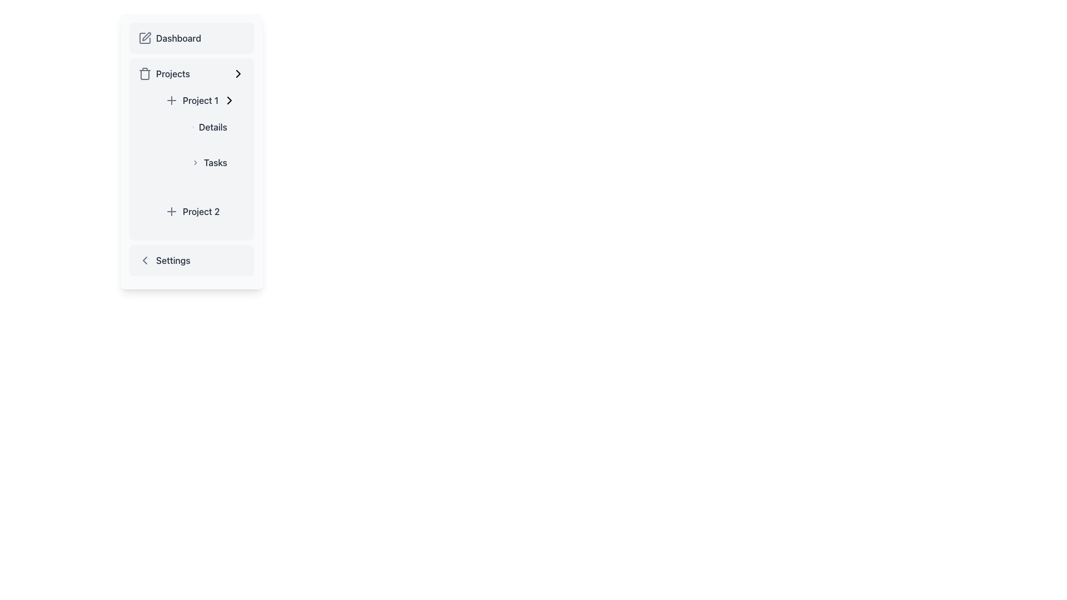  What do you see at coordinates (210, 126) in the screenshot?
I see `the informational text label located under 'Project 1' and above 'Tasks' in the vertically listed menu` at bounding box center [210, 126].